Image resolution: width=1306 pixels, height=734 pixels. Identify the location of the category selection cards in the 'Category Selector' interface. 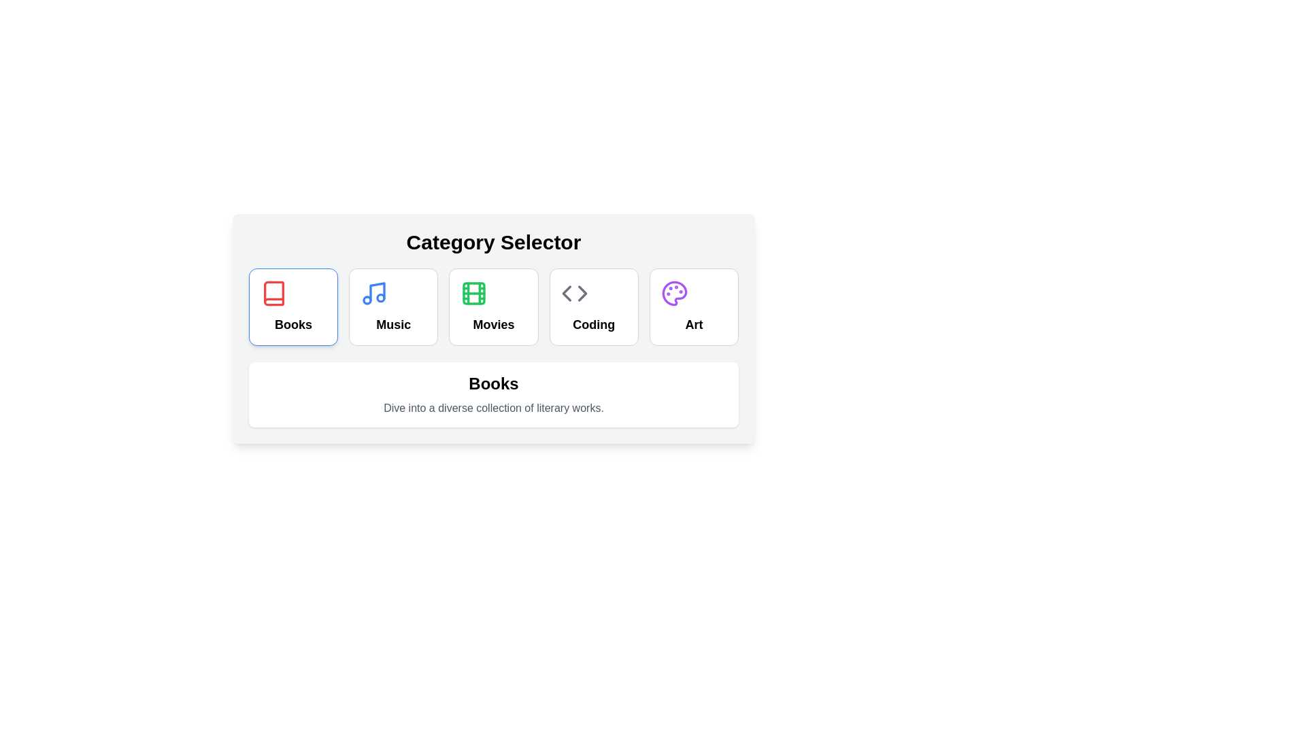
(492, 328).